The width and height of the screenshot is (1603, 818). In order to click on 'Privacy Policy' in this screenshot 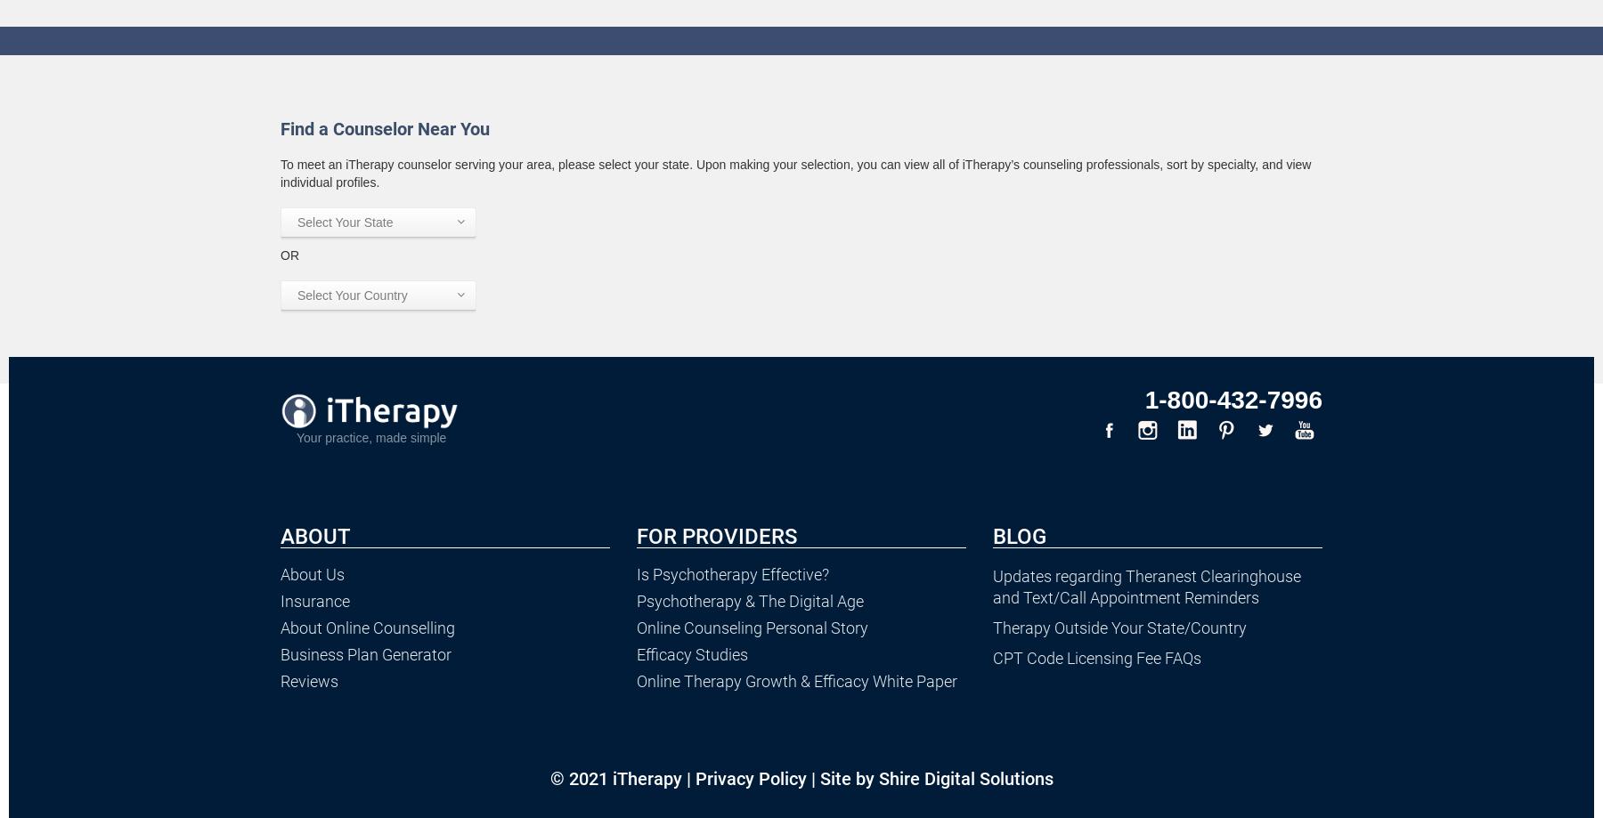, I will do `click(693, 777)`.